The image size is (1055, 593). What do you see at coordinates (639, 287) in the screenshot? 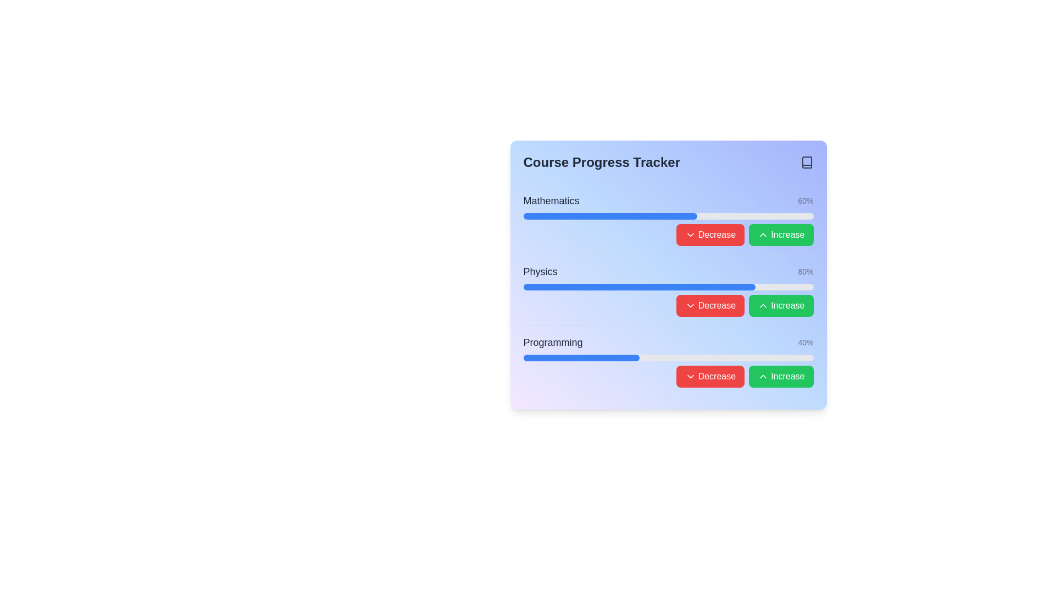
I see `visual representation of the progress made in the Physics course from the filled portion of the progress bar located below the Mathematics progress bar` at bounding box center [639, 287].